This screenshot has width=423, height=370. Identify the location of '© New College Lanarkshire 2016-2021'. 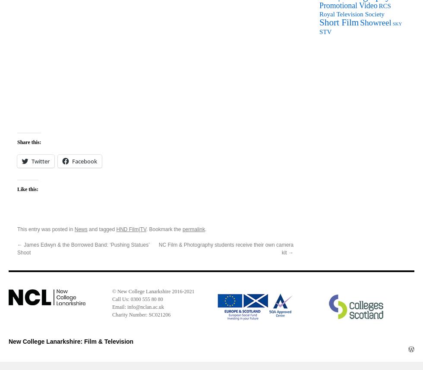
(112, 291).